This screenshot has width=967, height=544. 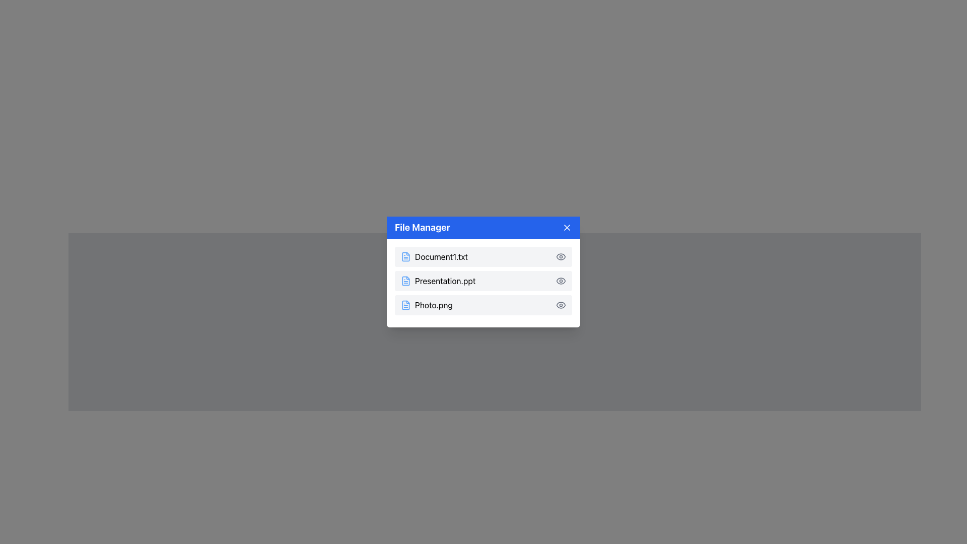 What do you see at coordinates (423, 227) in the screenshot?
I see `the 'File Manager' text label, which is prominently displayed in bold white font on a blue background at the top of a modal window` at bounding box center [423, 227].